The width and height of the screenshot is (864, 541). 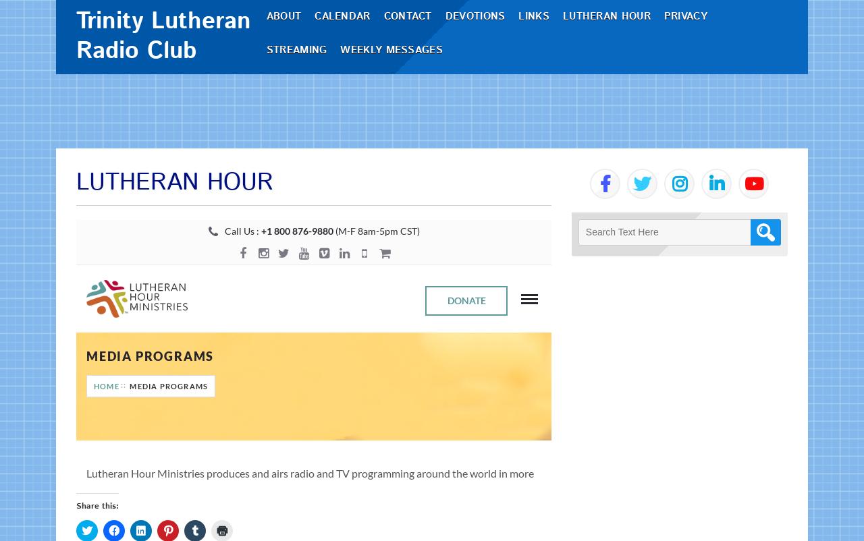 I want to click on 'Privacy', so click(x=690, y=53).